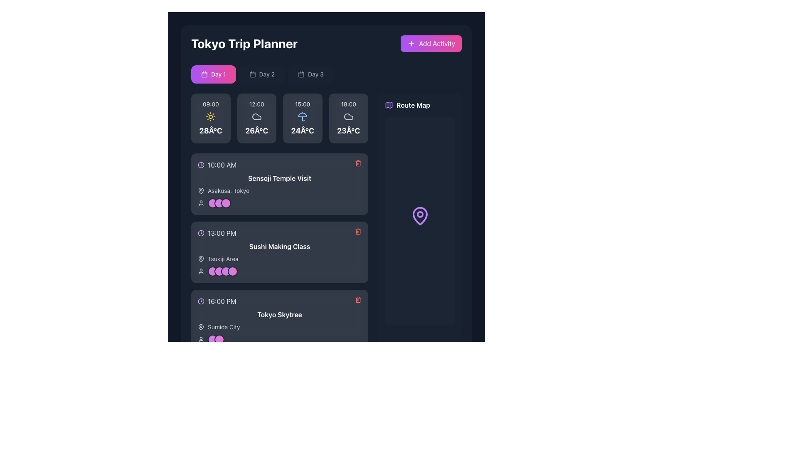  What do you see at coordinates (420, 105) in the screenshot?
I see `details of the 'Route Map' label with a purple map icon located in the top-right section of the interface` at bounding box center [420, 105].